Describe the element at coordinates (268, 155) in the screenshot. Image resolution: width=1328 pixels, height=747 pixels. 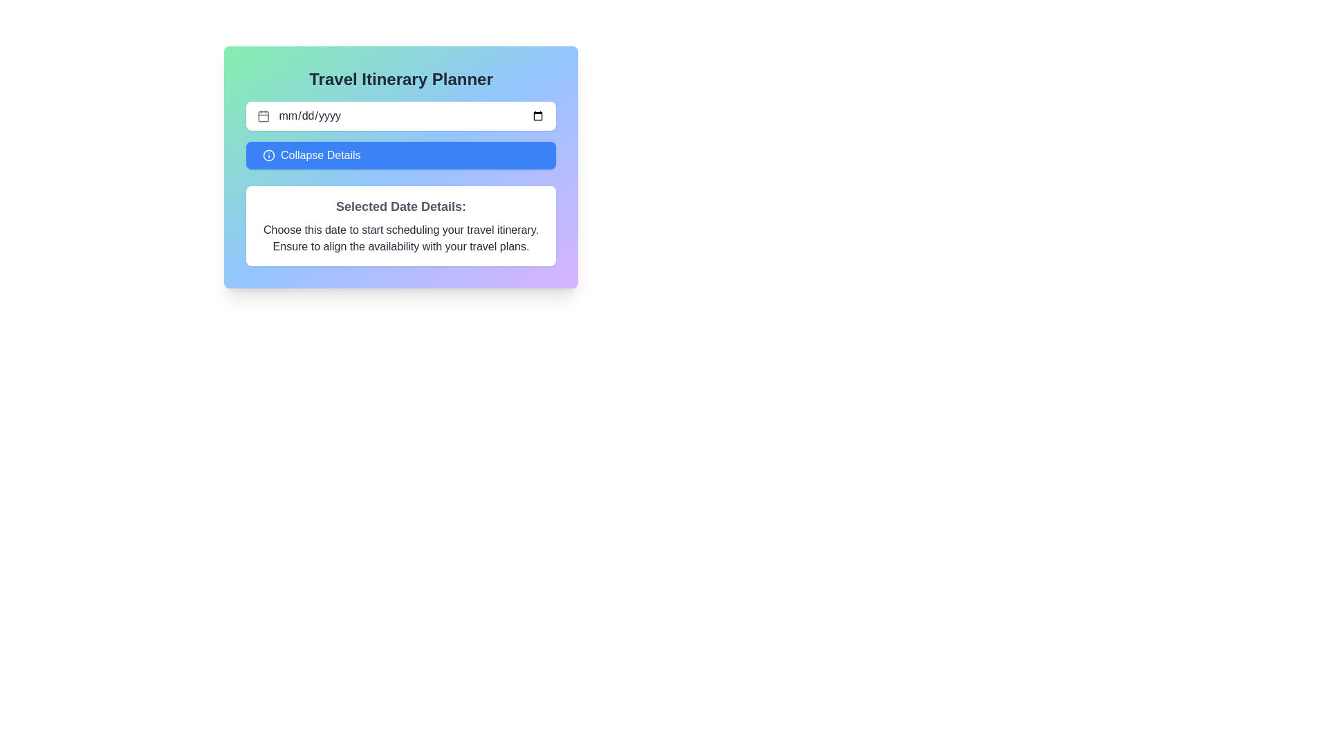
I see `the information or support icon located to the left of the 'Collapse Details' text within the blue button` at that location.